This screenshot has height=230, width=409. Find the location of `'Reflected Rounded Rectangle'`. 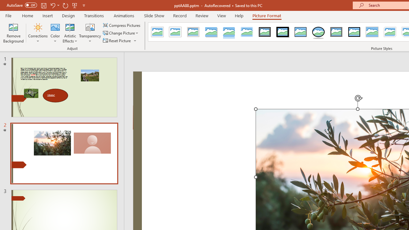

'Reflected Rounded Rectangle' is located at coordinates (229, 32).